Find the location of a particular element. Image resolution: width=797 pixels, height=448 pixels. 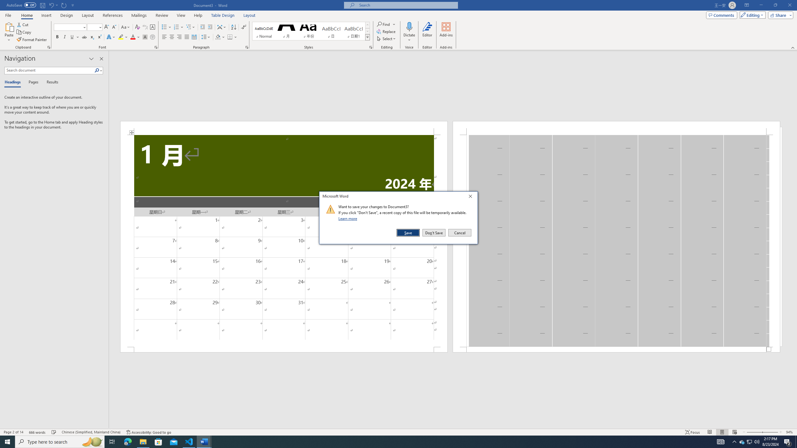

'Q2790: 100%' is located at coordinates (756, 441).